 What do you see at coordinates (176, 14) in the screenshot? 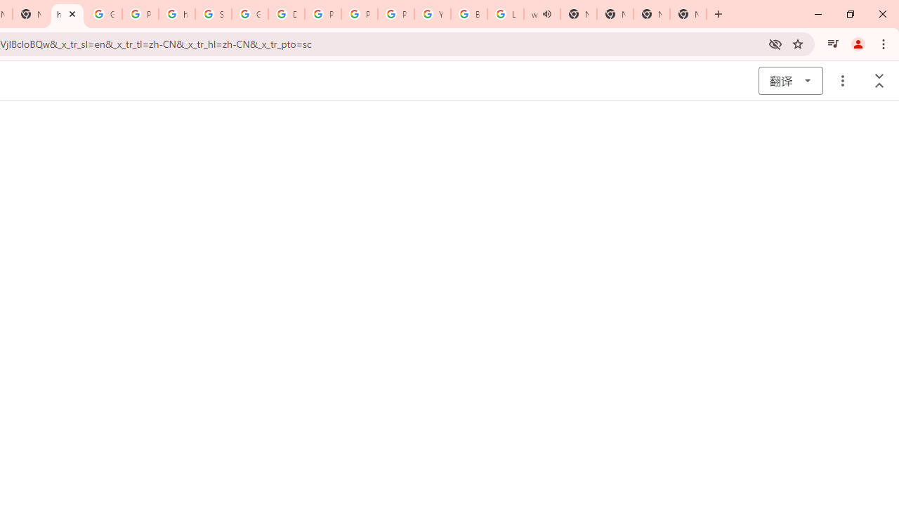
I see `'https://scholar.google.com/'` at bounding box center [176, 14].